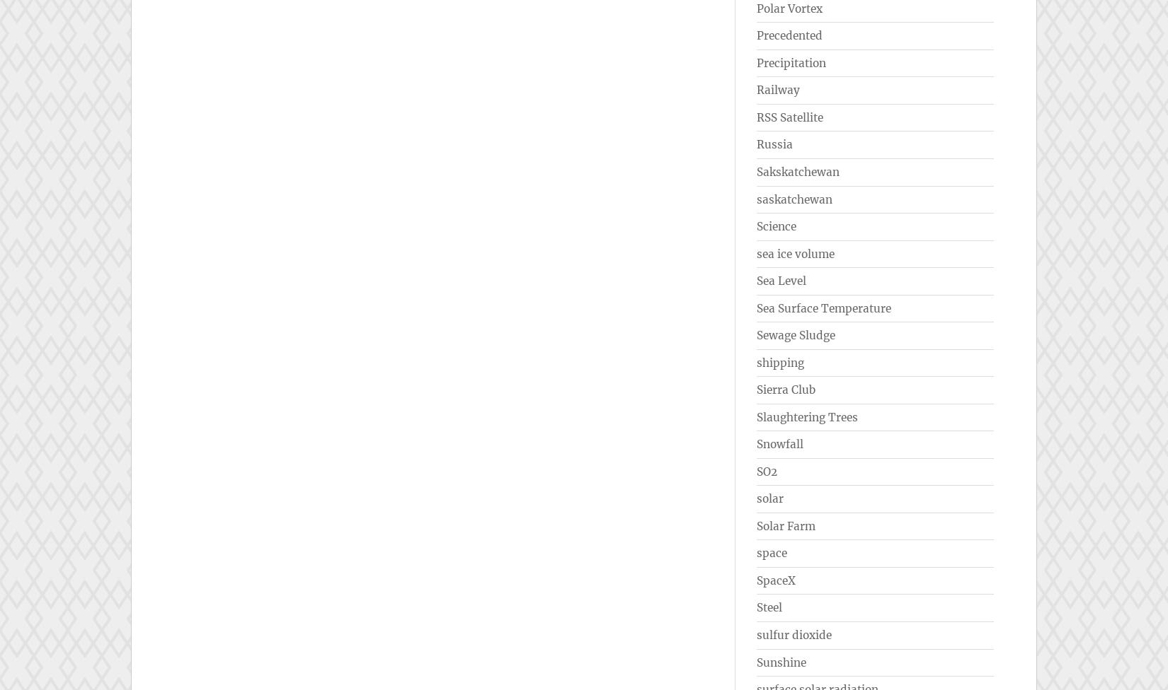  I want to click on 'Sakskatchewan', so click(798, 170).